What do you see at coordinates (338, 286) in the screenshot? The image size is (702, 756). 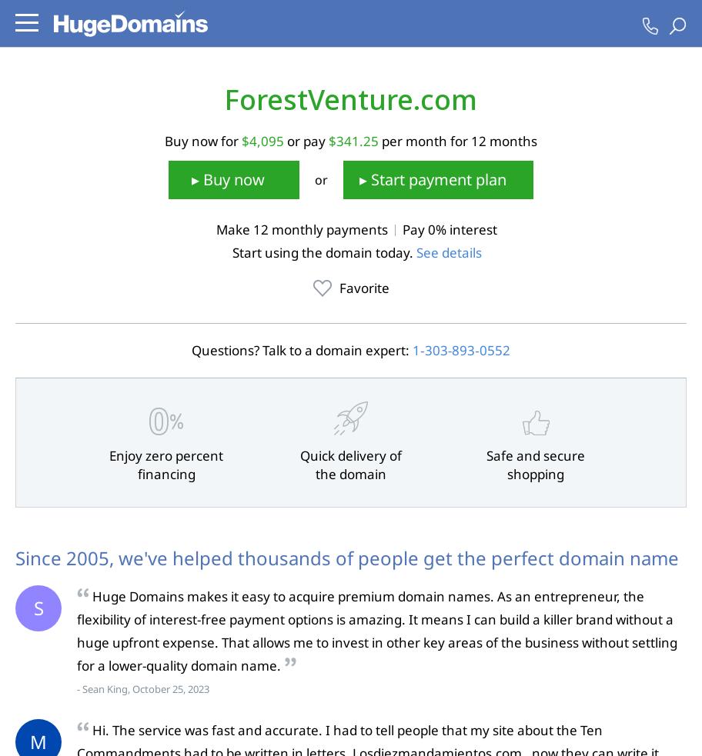 I see `'Favorite'` at bounding box center [338, 286].